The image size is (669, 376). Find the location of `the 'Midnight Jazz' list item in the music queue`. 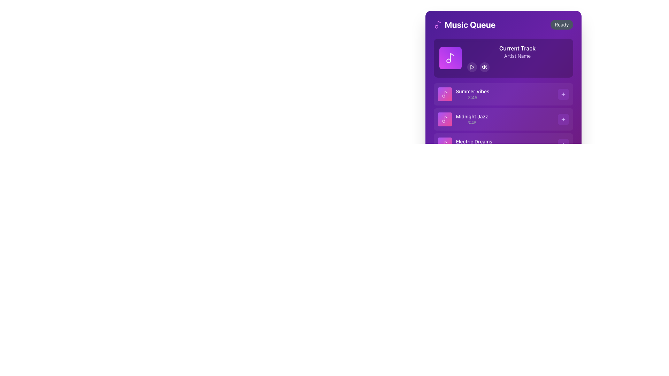

the 'Midnight Jazz' list item in the music queue is located at coordinates (503, 109).